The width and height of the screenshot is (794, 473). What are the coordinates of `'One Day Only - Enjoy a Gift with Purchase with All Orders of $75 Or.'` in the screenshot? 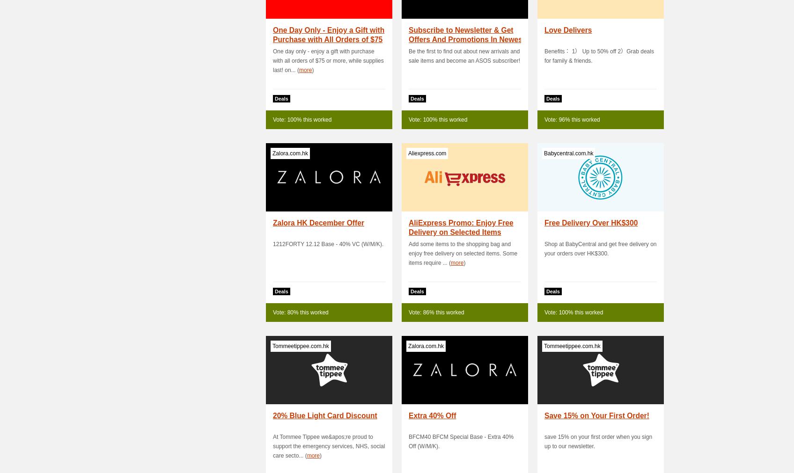 It's located at (328, 39).